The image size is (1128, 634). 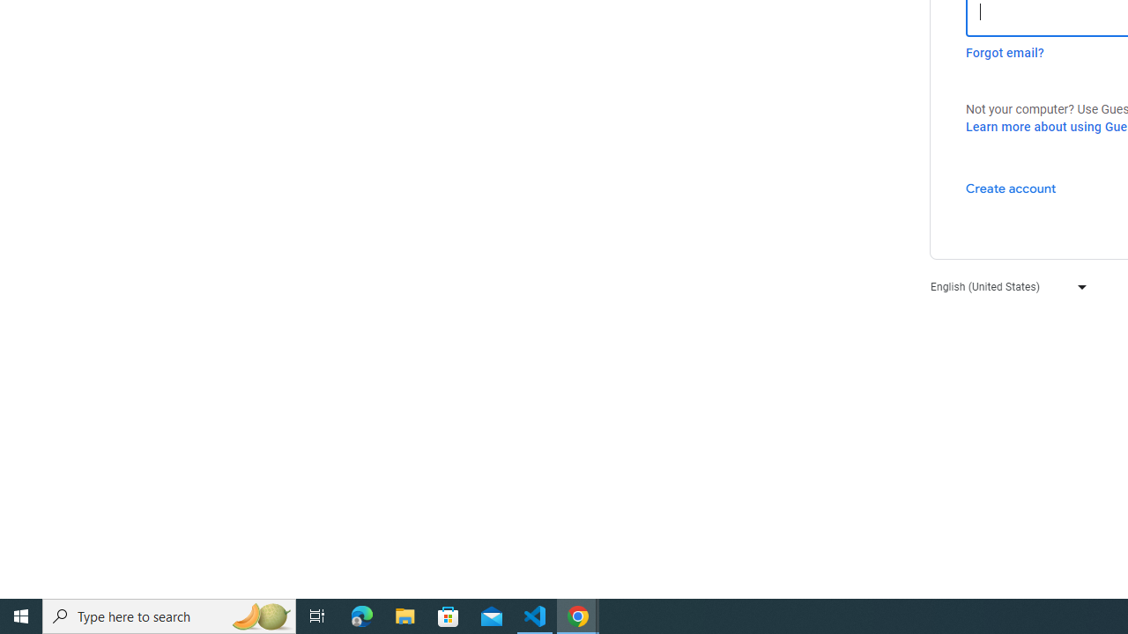 What do you see at coordinates (1010, 188) in the screenshot?
I see `'Create account'` at bounding box center [1010, 188].